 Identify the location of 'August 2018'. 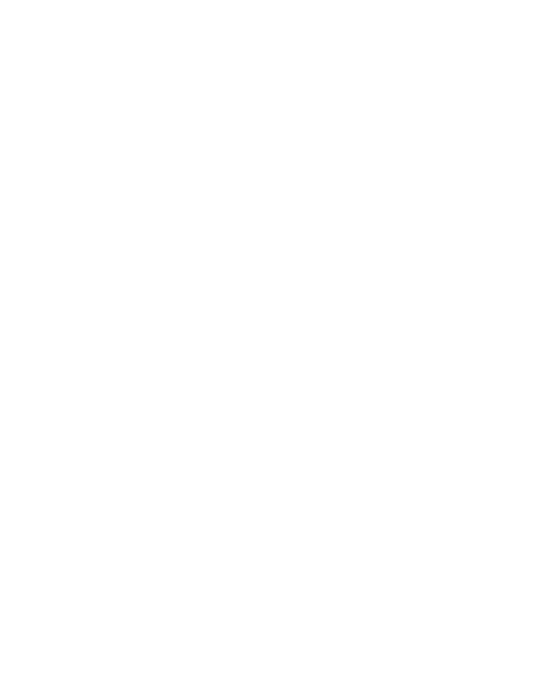
(86, 498).